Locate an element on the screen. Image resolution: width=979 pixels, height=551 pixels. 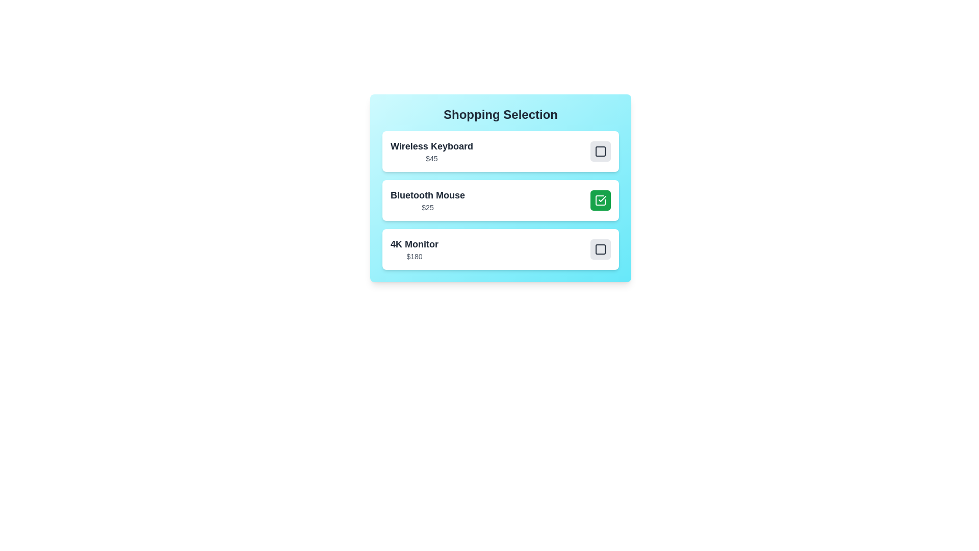
the price text displaying '$45', which is styled in gray and located beneath the 'Wireless Keyboard' label in the shopping selection component is located at coordinates (431, 159).